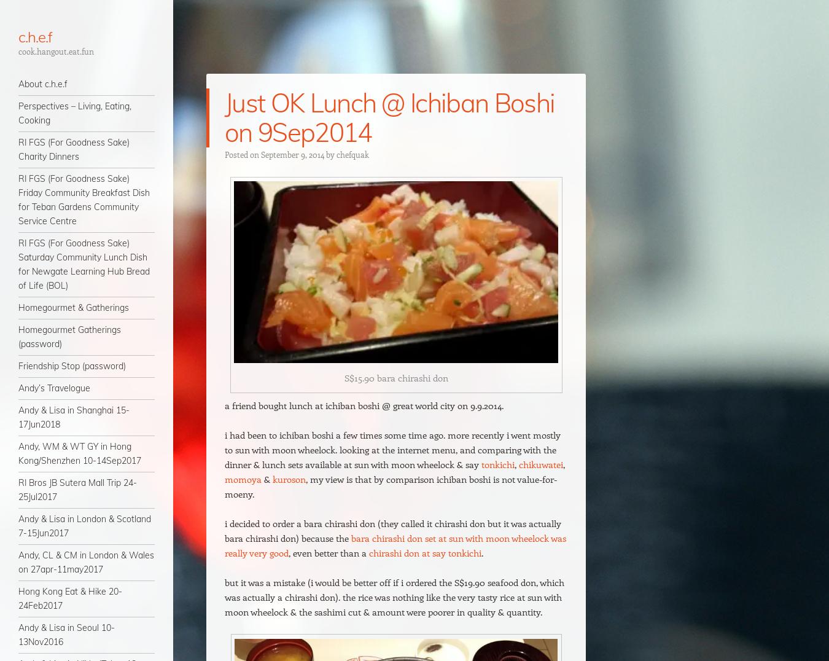  Describe the element at coordinates (74, 417) in the screenshot. I see `'Andy & Lisa in Shanghai 15-17Jun2018'` at that location.